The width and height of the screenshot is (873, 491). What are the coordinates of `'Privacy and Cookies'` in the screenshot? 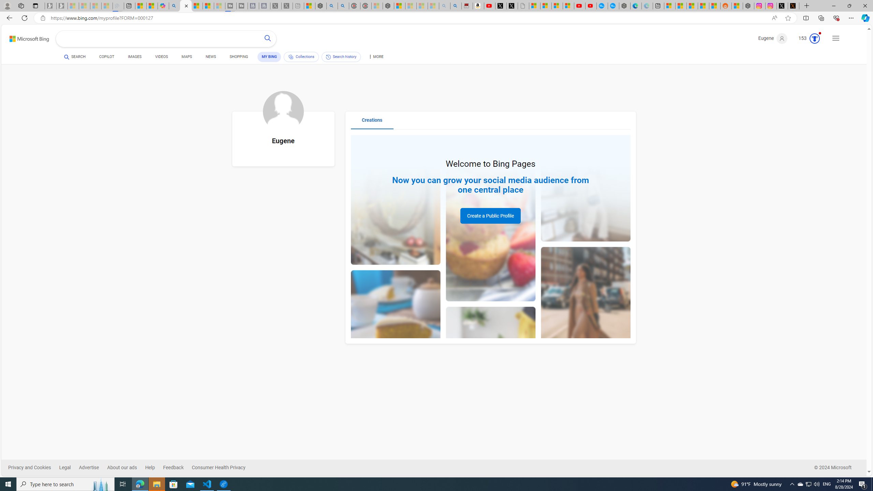 It's located at (33, 467).